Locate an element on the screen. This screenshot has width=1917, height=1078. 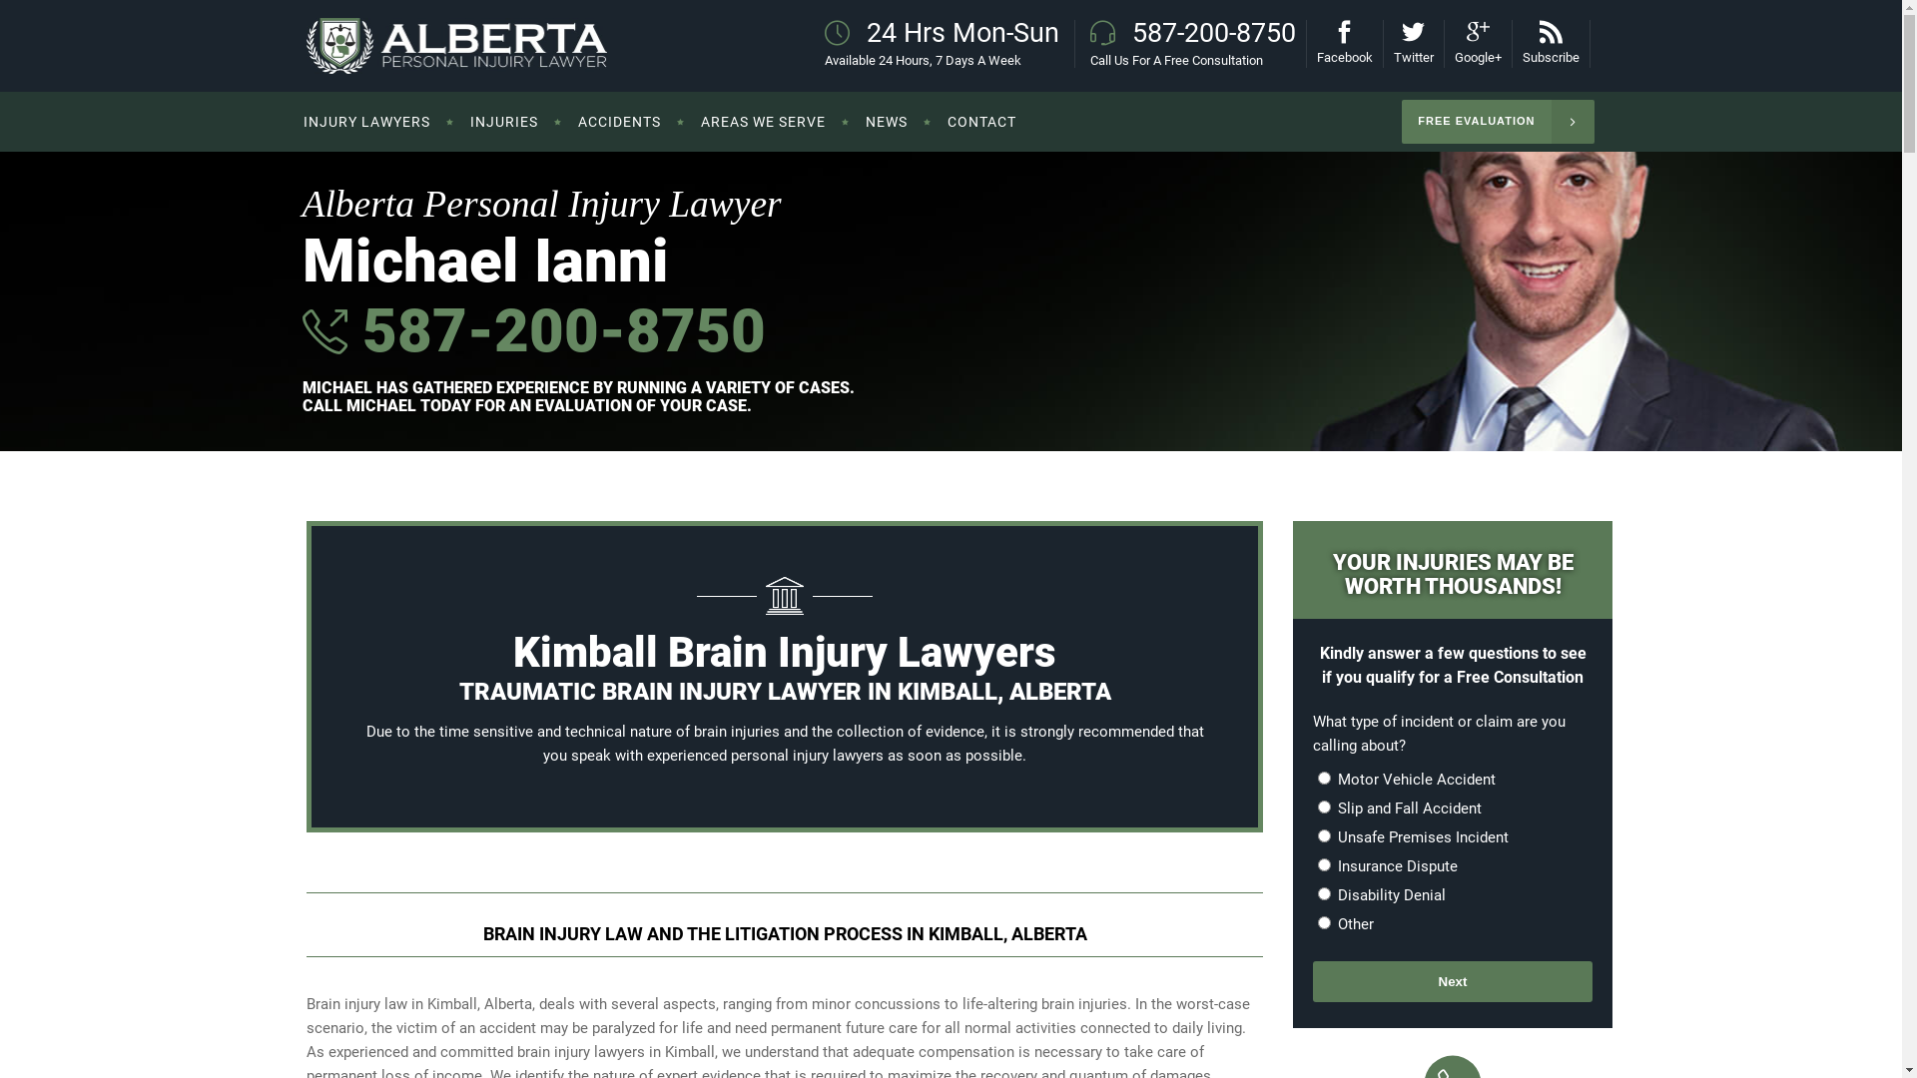
'AREAS WE SERVE' is located at coordinates (762, 122).